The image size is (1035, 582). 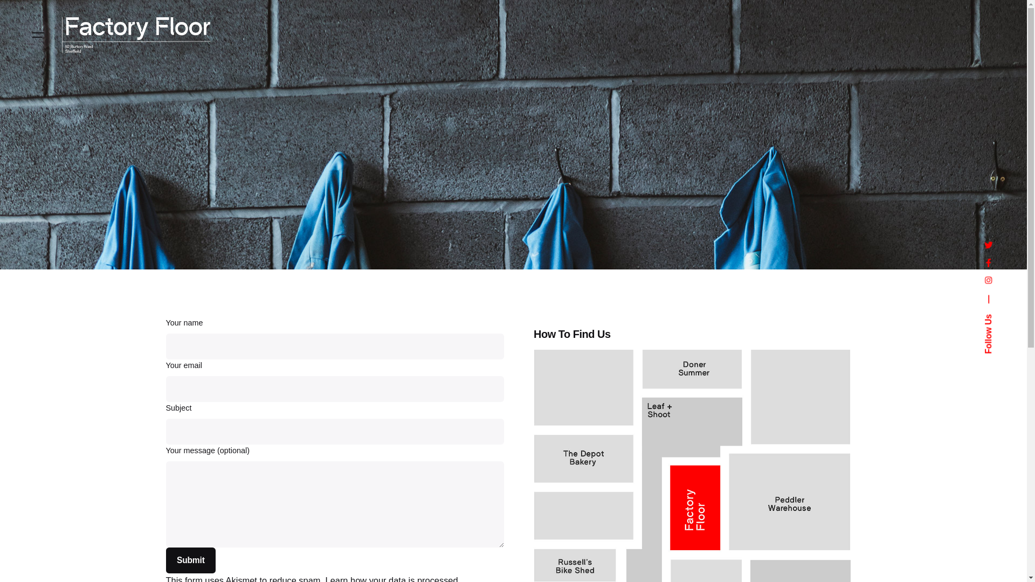 What do you see at coordinates (191, 560) in the screenshot?
I see `'Submit'` at bounding box center [191, 560].